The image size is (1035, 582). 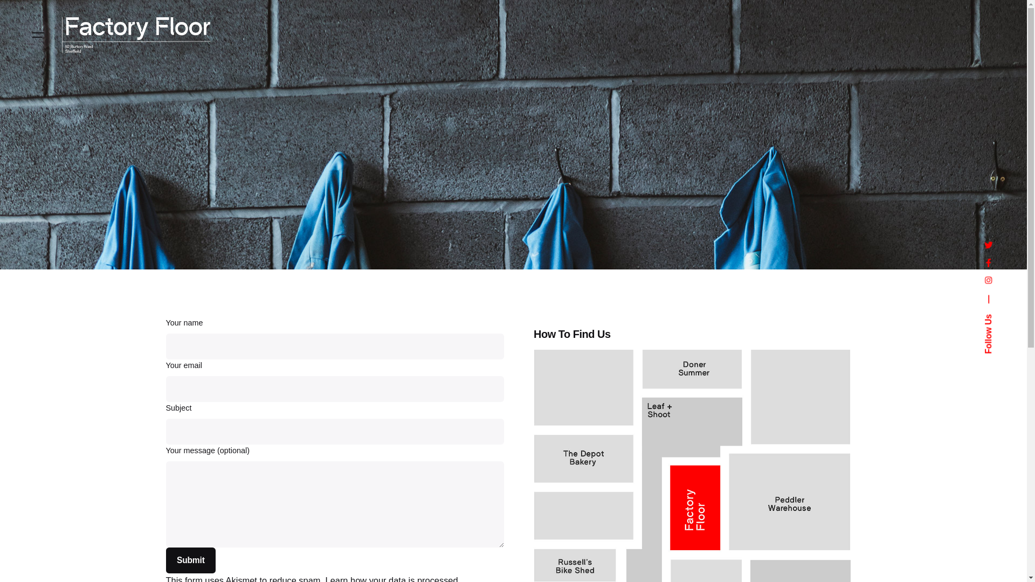 What do you see at coordinates (191, 560) in the screenshot?
I see `'Submit'` at bounding box center [191, 560].